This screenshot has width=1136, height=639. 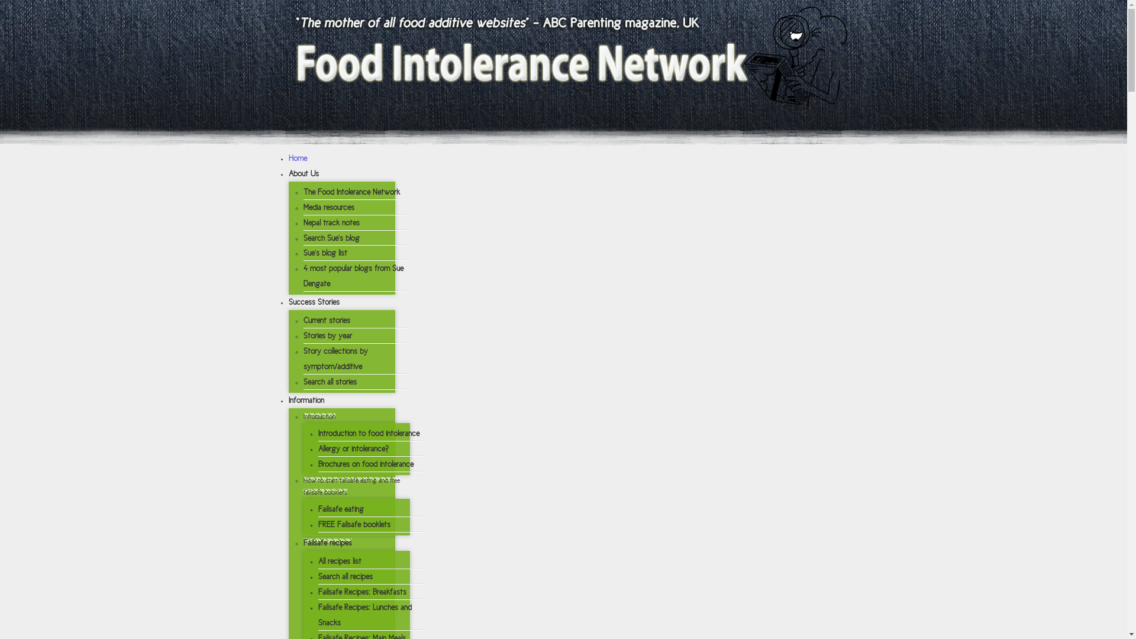 I want to click on 'Success Stories', so click(x=314, y=301).